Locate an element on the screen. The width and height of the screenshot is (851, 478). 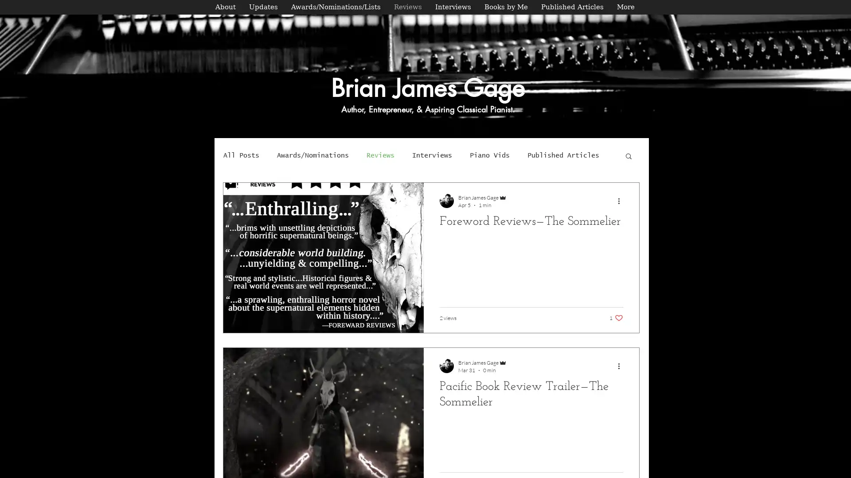
More actions is located at coordinates (621, 366).